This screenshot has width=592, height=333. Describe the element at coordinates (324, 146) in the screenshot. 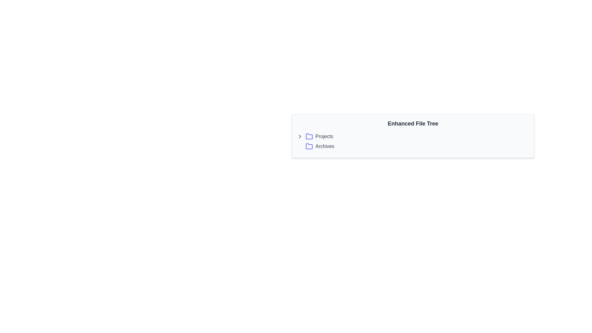

I see `text label 'Archives' which is styled in medium-weight font, positioned in the second row of the file tree interface, adjacent to a folder icon` at that location.